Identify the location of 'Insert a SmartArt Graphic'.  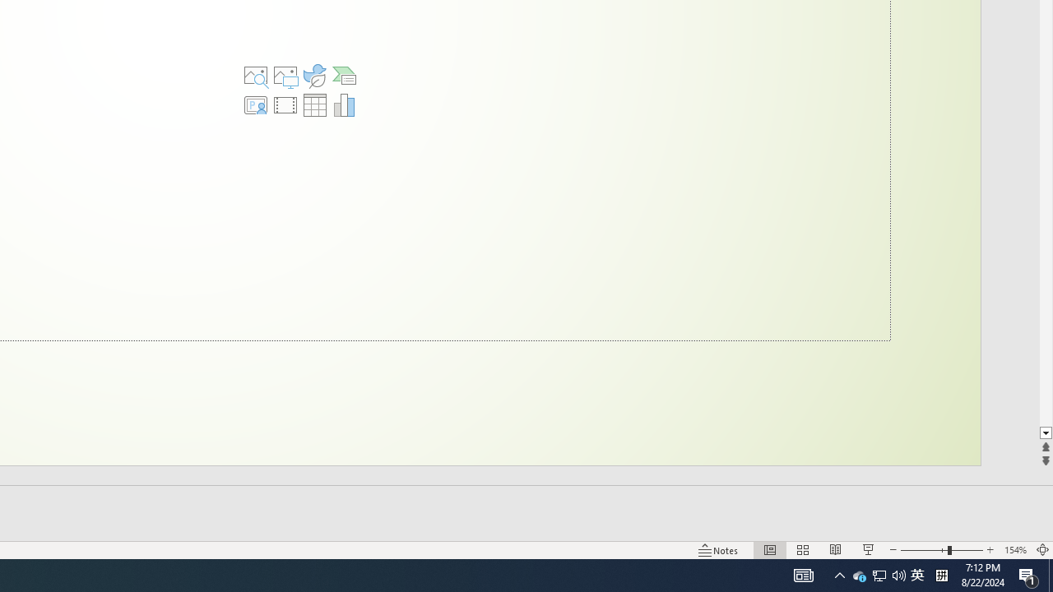
(344, 76).